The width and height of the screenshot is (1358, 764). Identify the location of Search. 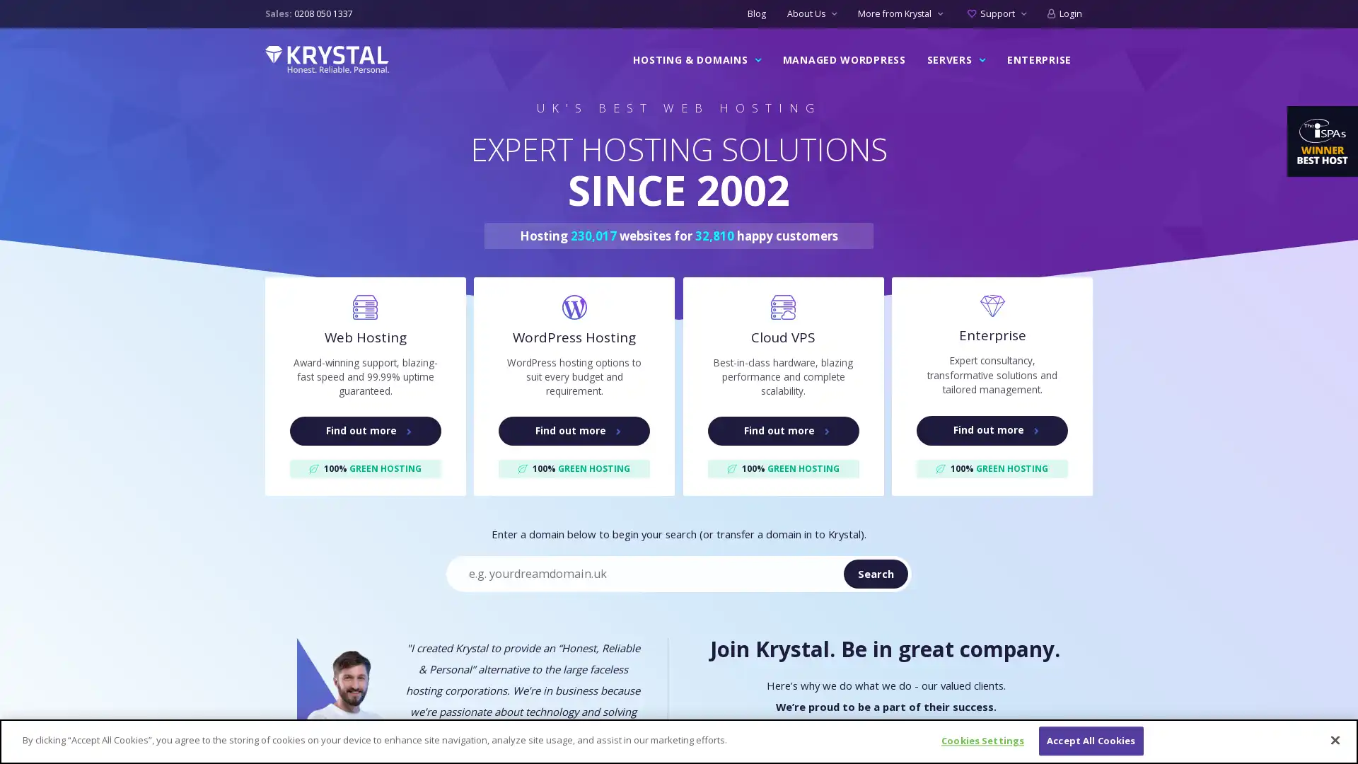
(875, 573).